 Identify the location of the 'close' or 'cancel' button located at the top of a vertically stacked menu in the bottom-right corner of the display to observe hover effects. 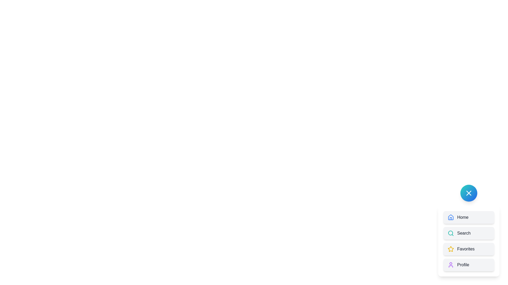
(469, 193).